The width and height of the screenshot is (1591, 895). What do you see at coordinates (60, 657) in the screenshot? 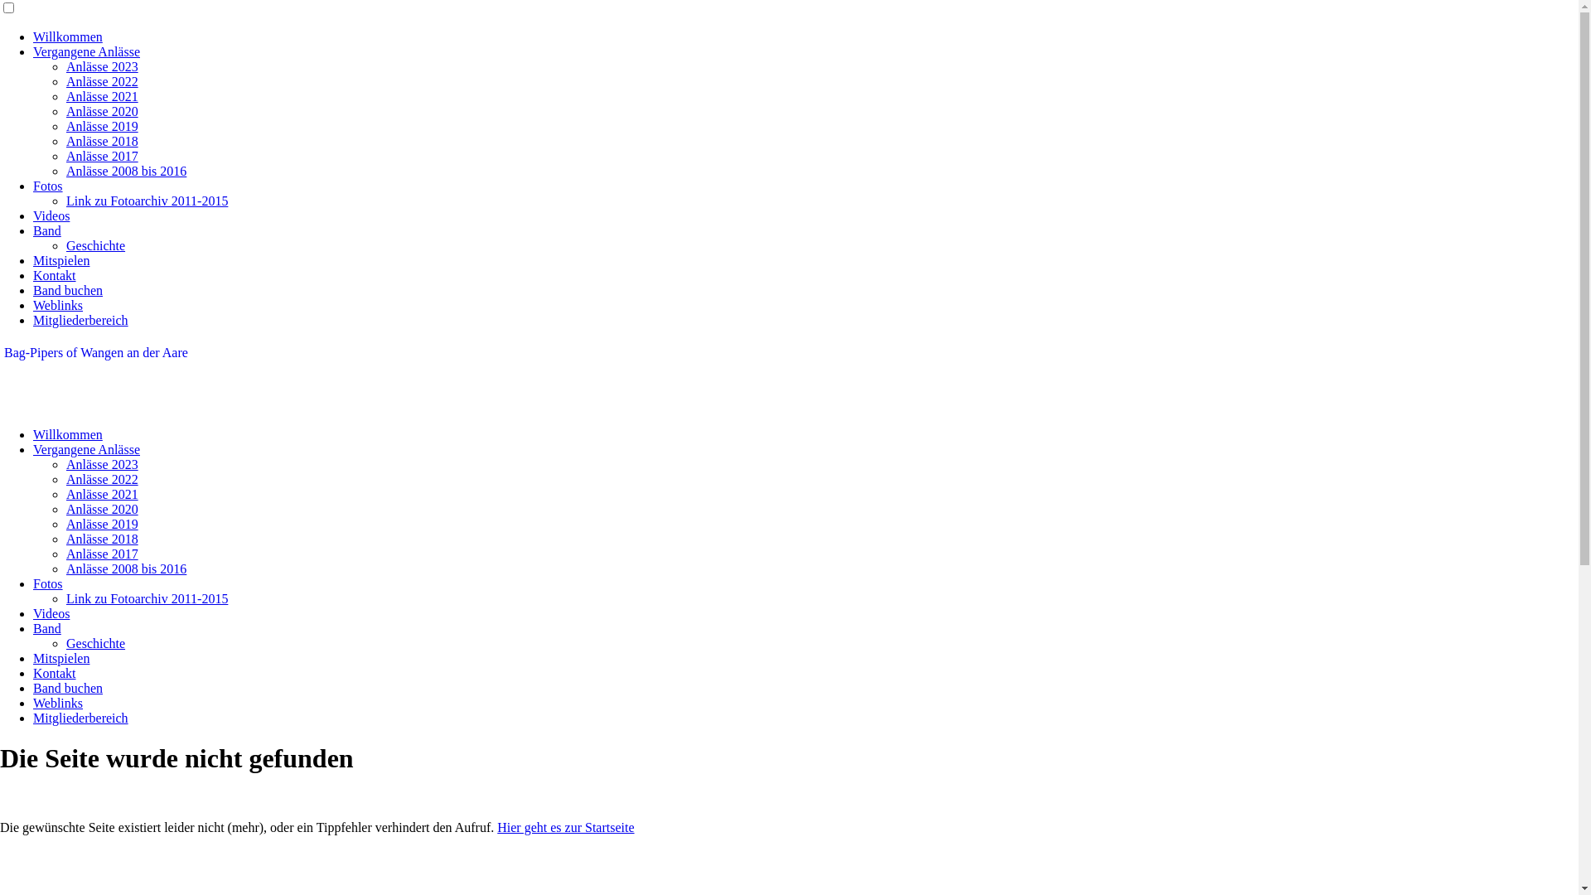
I see `'Mitspielen'` at bounding box center [60, 657].